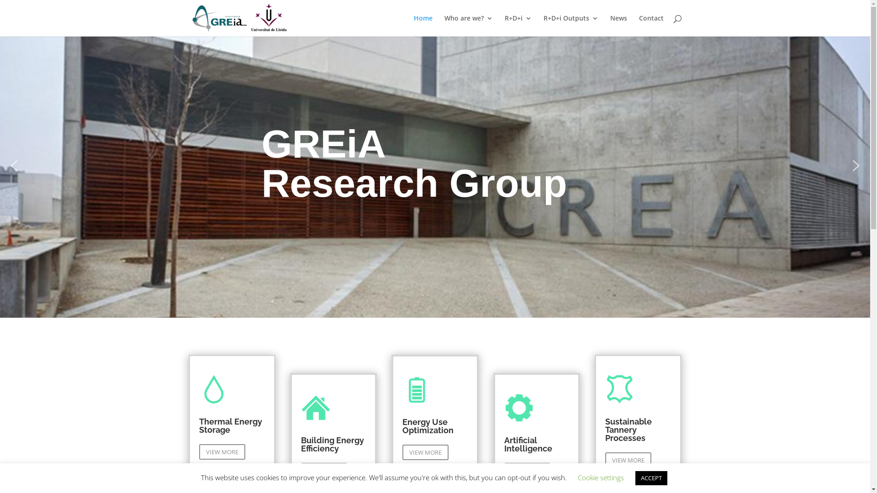 The height and width of the screenshot is (493, 877). What do you see at coordinates (628, 460) in the screenshot?
I see `'VIEW MORE'` at bounding box center [628, 460].